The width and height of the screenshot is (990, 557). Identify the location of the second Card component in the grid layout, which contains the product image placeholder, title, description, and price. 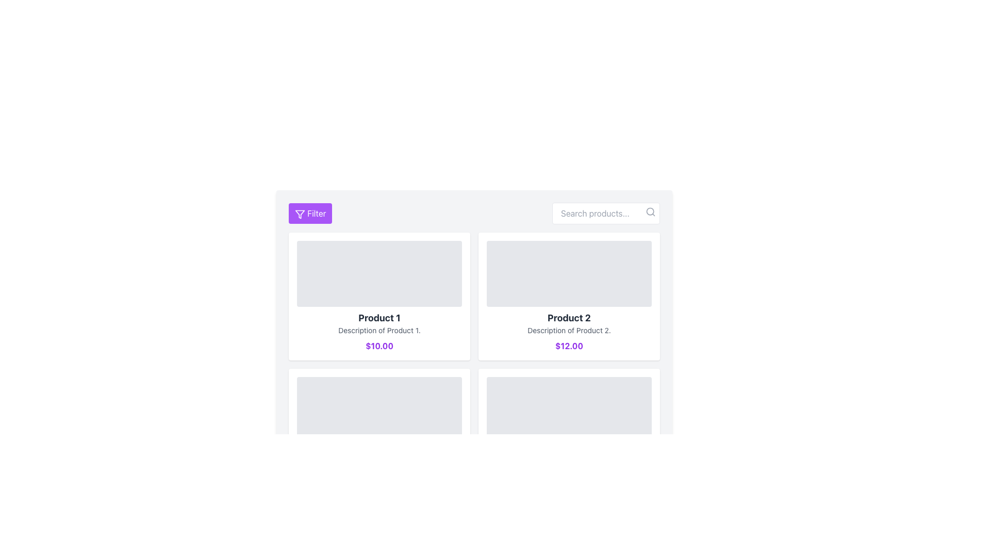
(569, 296).